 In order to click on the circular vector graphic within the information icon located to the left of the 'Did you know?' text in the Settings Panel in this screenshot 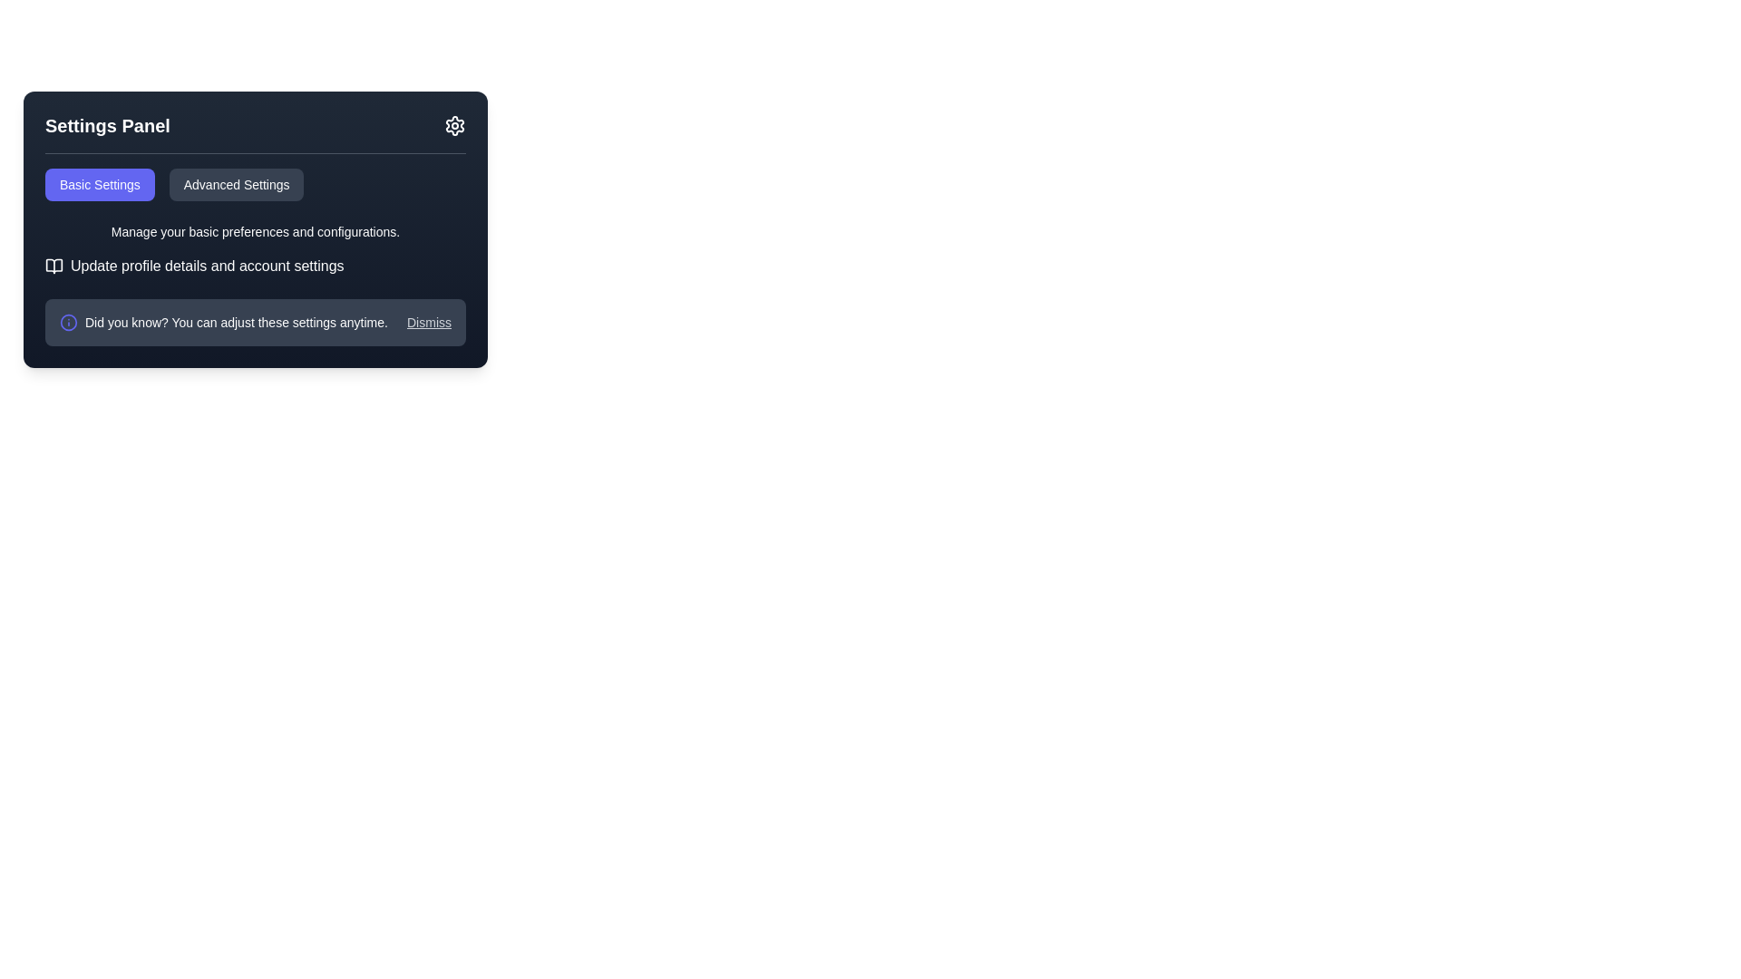, I will do `click(69, 321)`.